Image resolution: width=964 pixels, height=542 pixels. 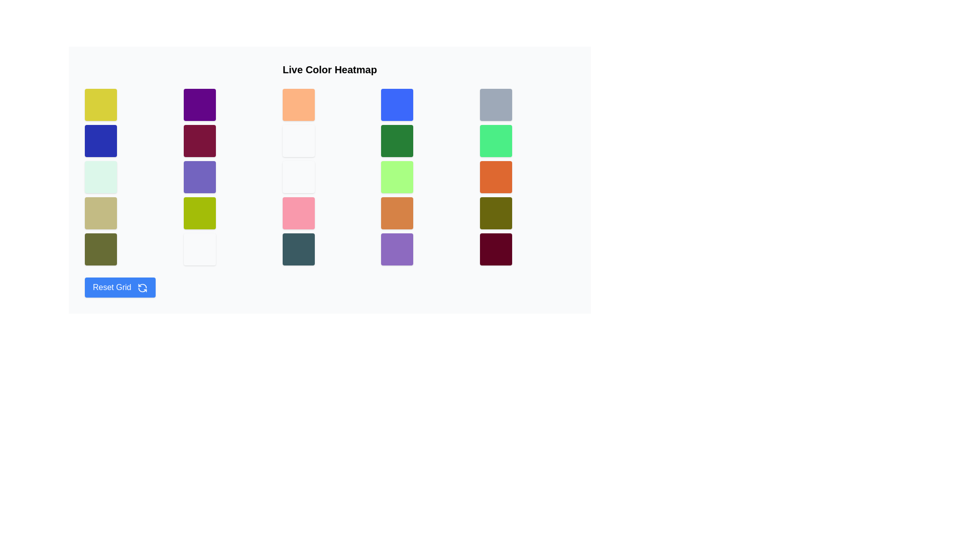 What do you see at coordinates (298, 177) in the screenshot?
I see `the Square visual placeholder located in the third column and third row of the grid layout` at bounding box center [298, 177].